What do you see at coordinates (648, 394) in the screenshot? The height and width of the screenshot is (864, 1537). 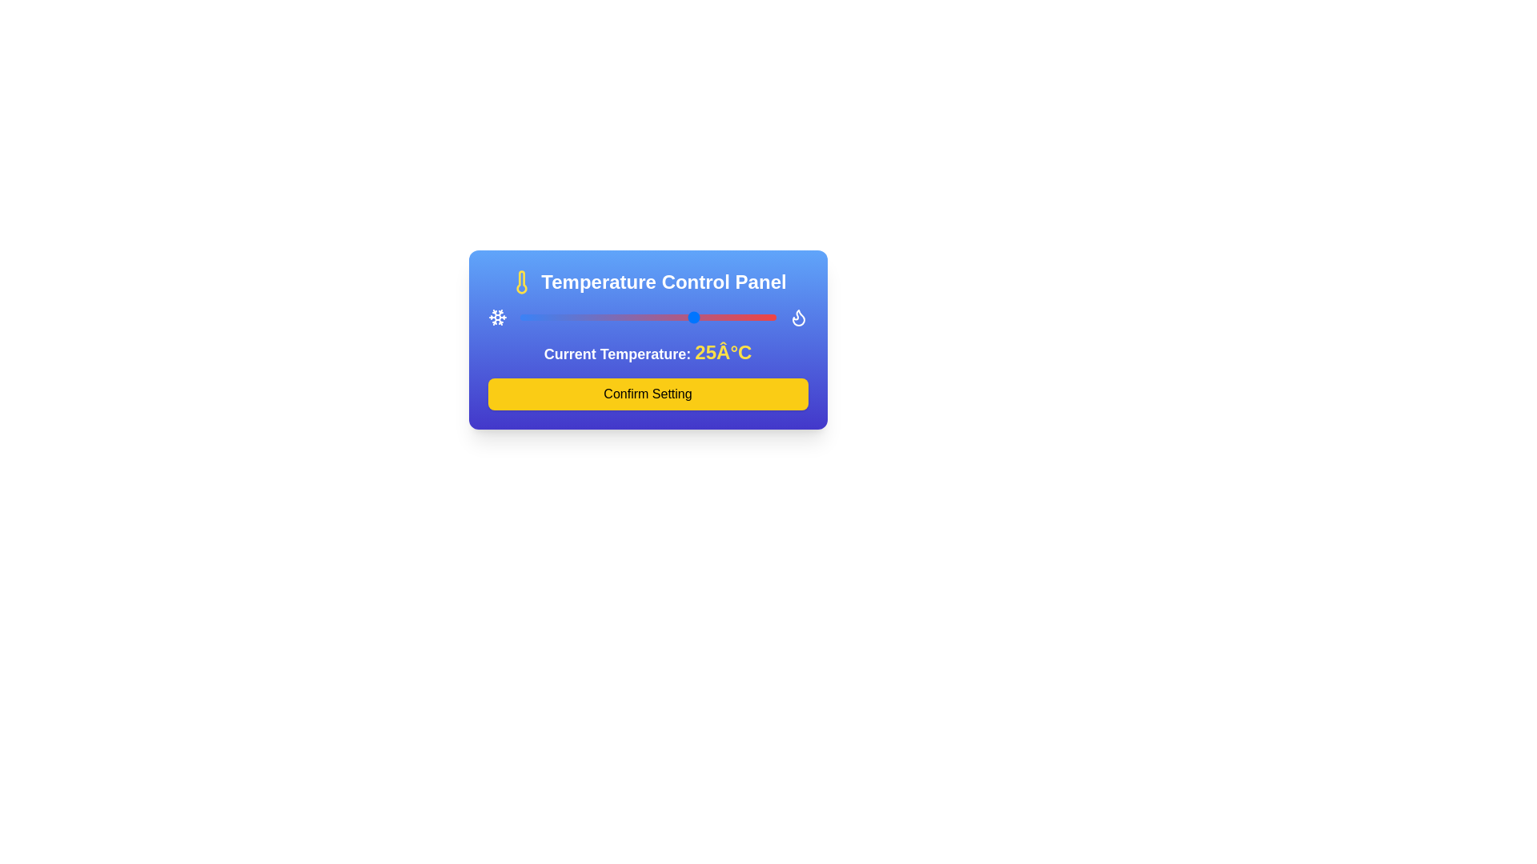 I see `'Confirm Setting' button to confirm the temperature setting` at bounding box center [648, 394].